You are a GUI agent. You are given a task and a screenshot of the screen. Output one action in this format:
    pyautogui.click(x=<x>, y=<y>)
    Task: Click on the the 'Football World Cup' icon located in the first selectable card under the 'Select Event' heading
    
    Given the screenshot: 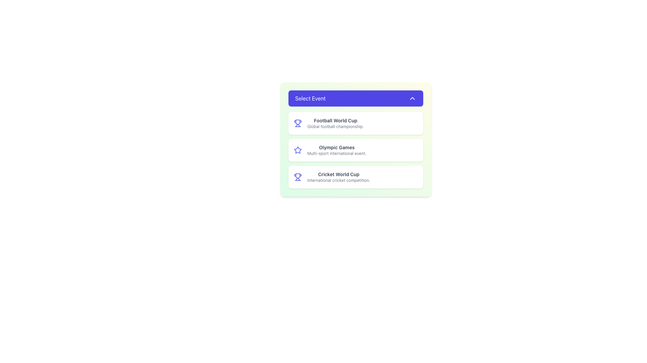 What is the action you would take?
    pyautogui.click(x=297, y=123)
    